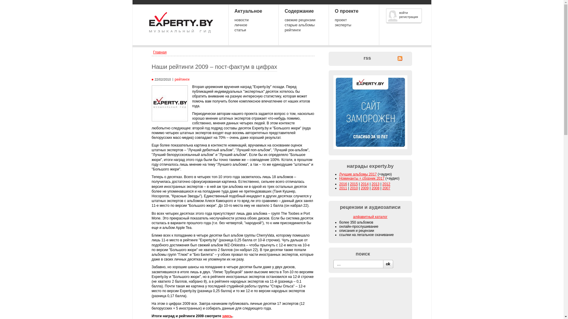  Describe the element at coordinates (364, 184) in the screenshot. I see `'2014'` at that location.